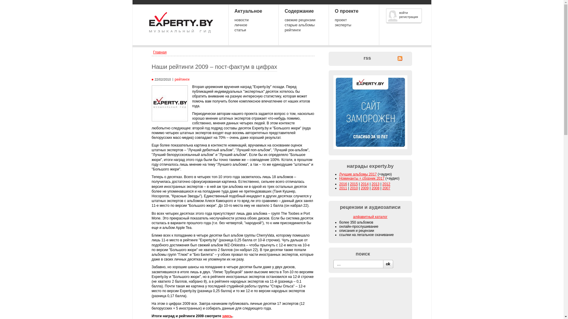  Describe the element at coordinates (364, 184) in the screenshot. I see `'2014'` at that location.